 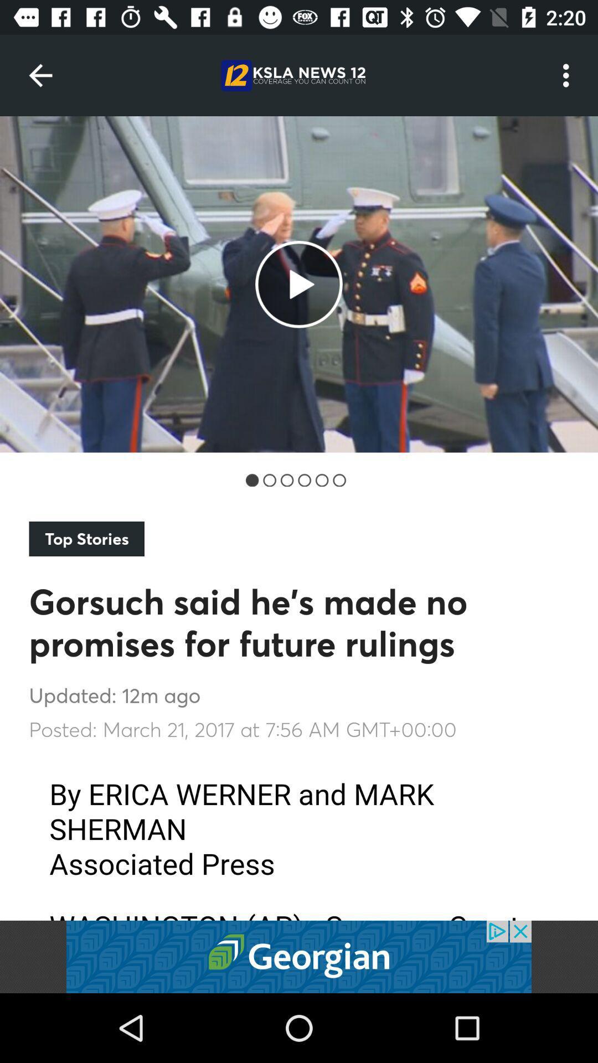 What do you see at coordinates (299, 956) in the screenshot?
I see `button` at bounding box center [299, 956].